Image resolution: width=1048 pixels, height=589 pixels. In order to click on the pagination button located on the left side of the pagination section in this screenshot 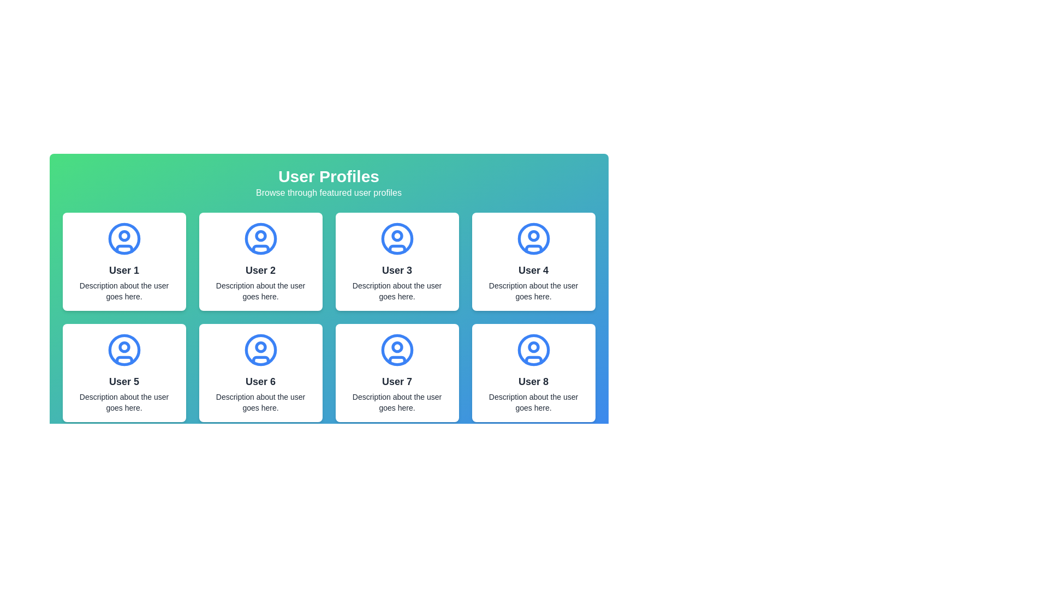, I will do `click(75, 446)`.